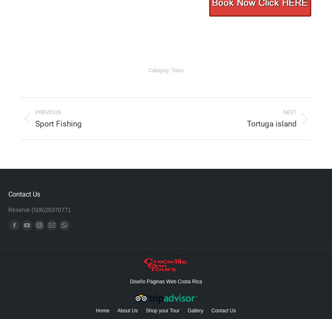  Describe the element at coordinates (162, 295) in the screenshot. I see `'Checkout'` at that location.